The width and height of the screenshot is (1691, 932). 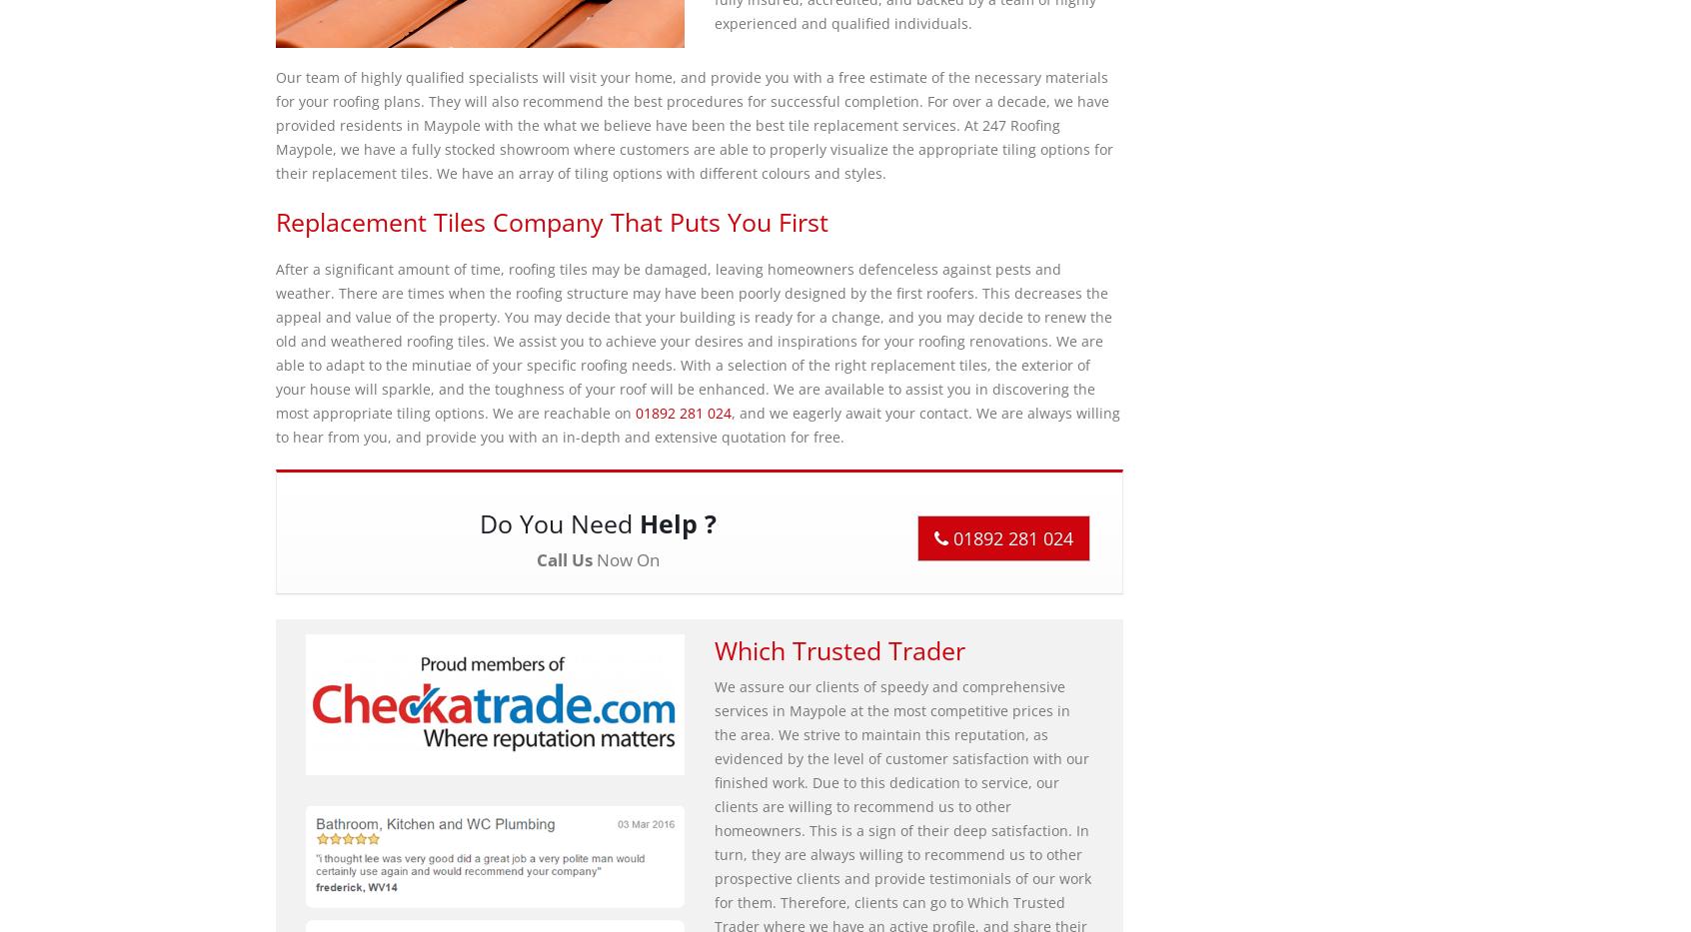 What do you see at coordinates (275, 340) in the screenshot?
I see `'After a significant amount of time, roofing tiles may be damaged, leaving homeowners defenceless against pests and weather. There are times when the roofing structure may have been poorly designed by the first roofers. This decreases the appeal and value of the property. You may decide that your building is ready for a change, and you may decide to renew the old and weathered roofing tiles. We assist you to achieve your desires and inspirations for your roofing renovations. We are able to adapt to the minutiae of your specific roofing needs. With a selection of the right replacement tiles, the exterior of your house will sparkle, and the toughness of your roof will be enhanced. We are available to assist you in discovering the most appropriate tiling options. We are reachable on'` at bounding box center [275, 340].